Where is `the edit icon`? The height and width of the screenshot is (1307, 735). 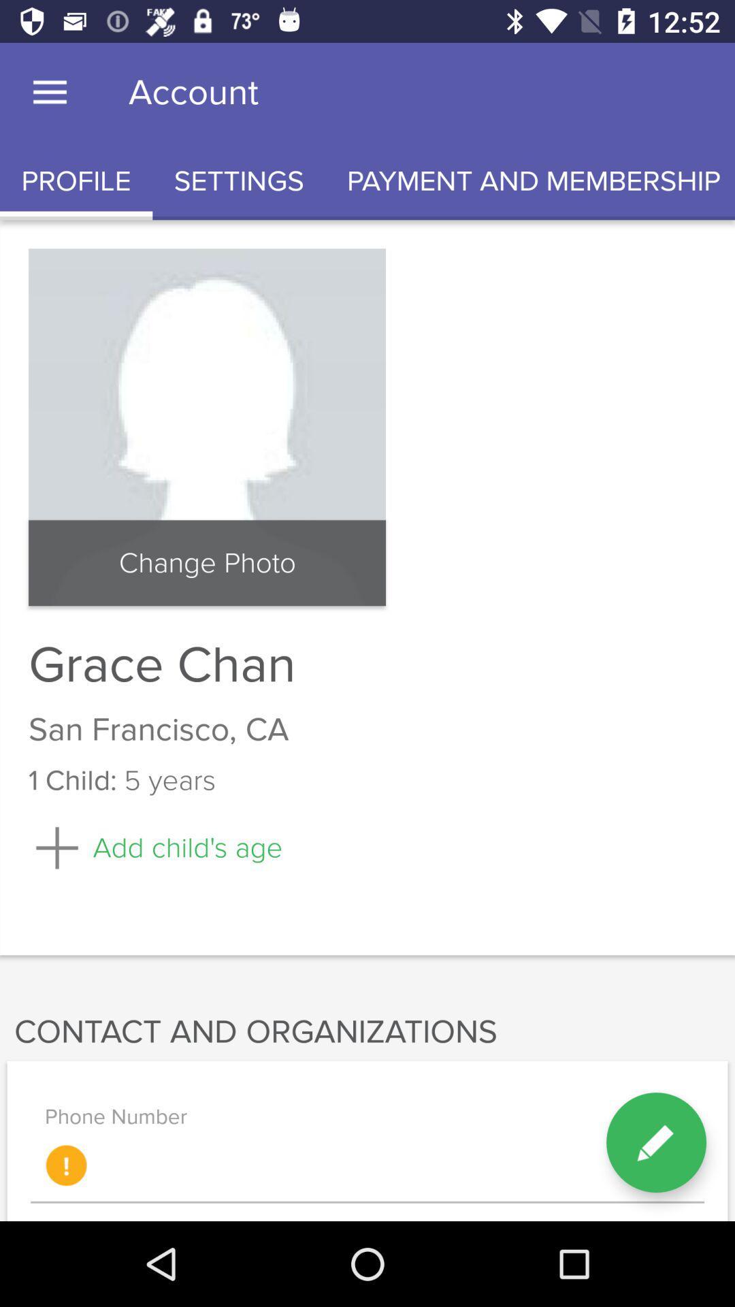
the edit icon is located at coordinates (655, 1142).